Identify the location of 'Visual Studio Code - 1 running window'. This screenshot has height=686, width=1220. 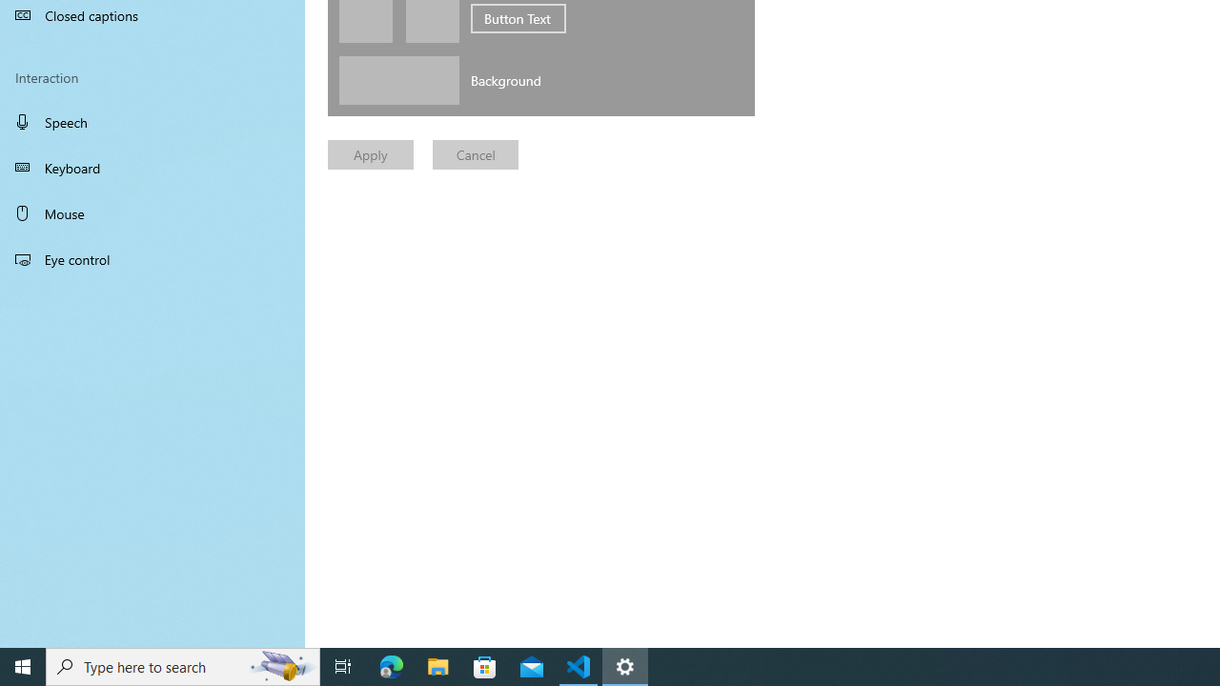
(578, 665).